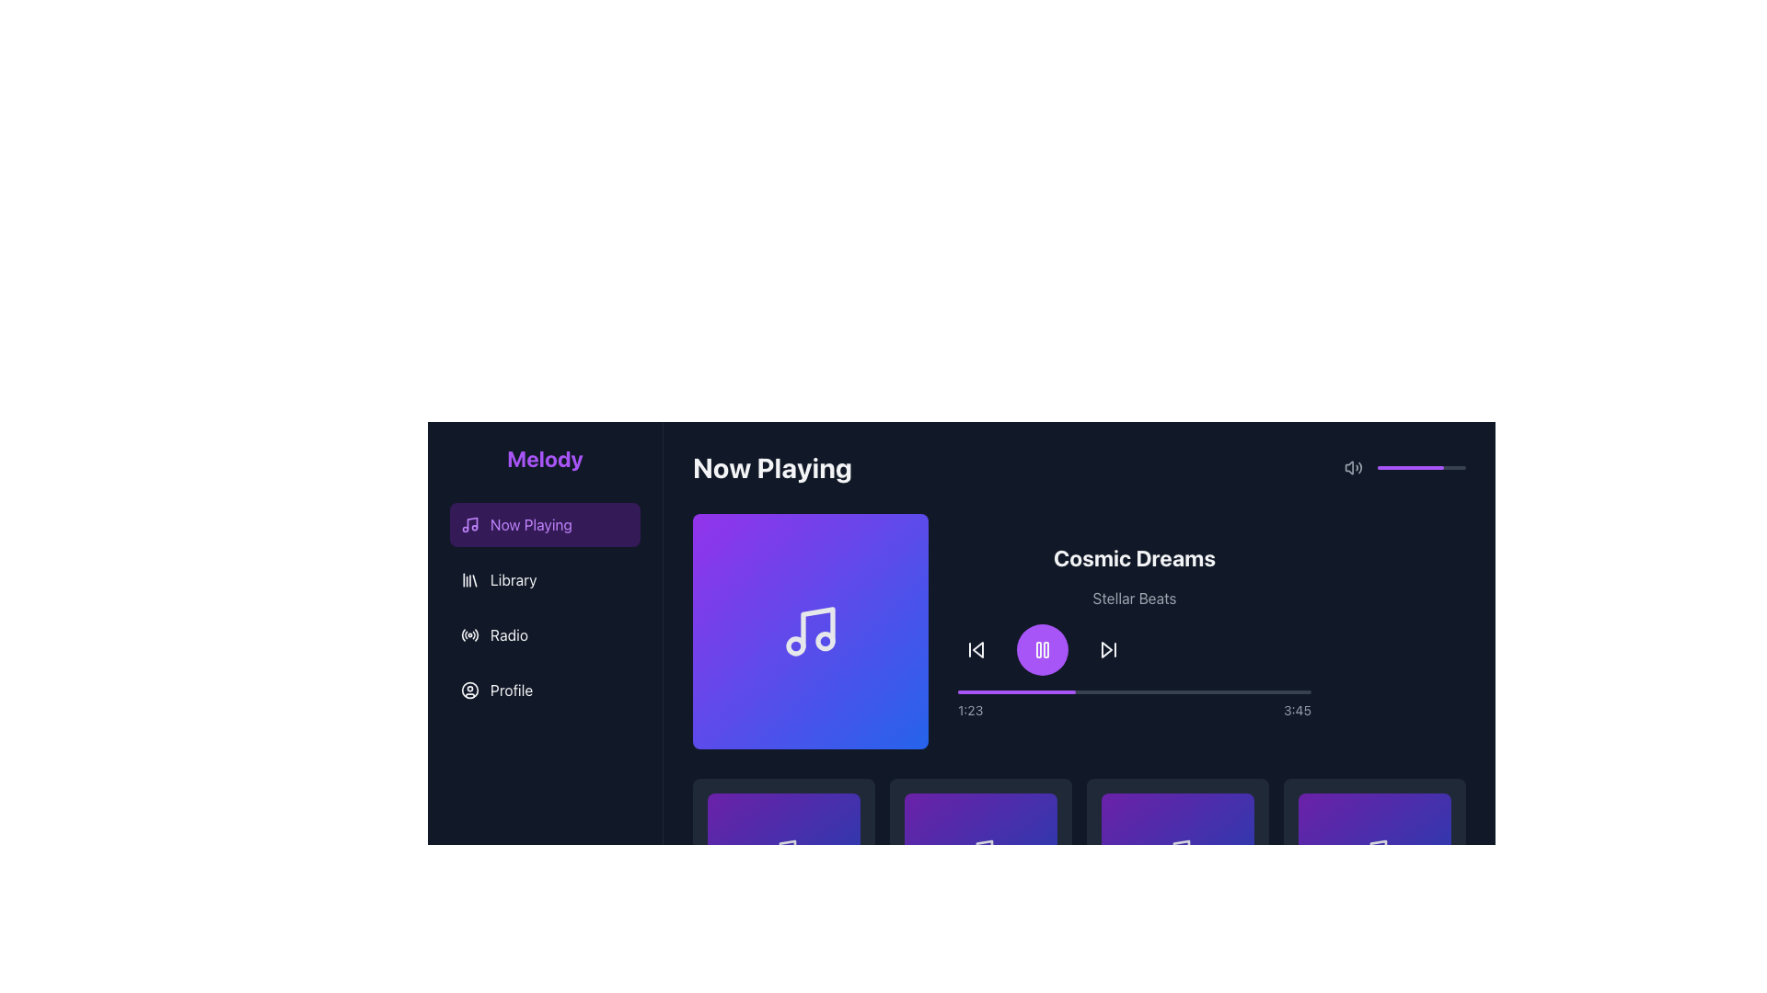  I want to click on the pause icon button, which consists of two vertically aligned rectangular bars on a purple rounded background, so click(1042, 648).